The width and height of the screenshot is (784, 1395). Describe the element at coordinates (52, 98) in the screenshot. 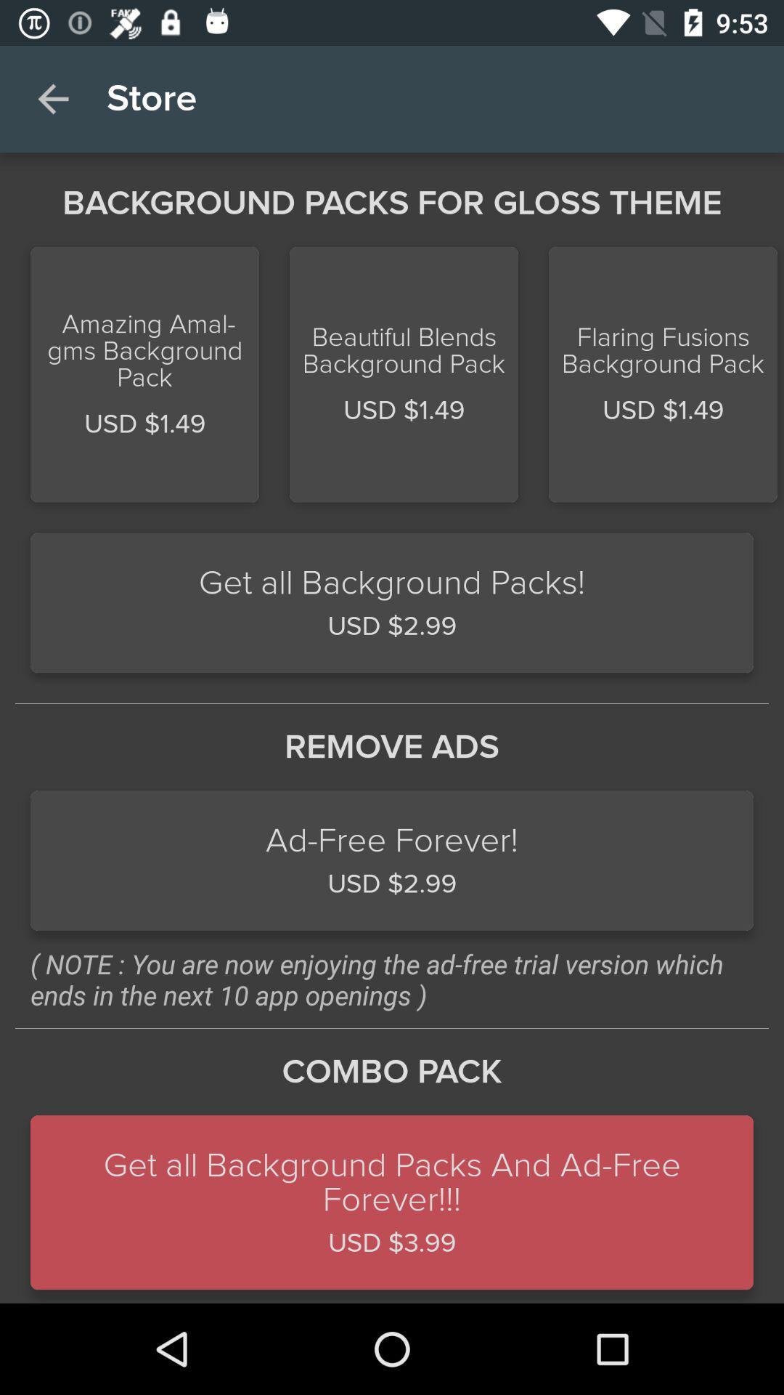

I see `the icon above background packs for` at that location.